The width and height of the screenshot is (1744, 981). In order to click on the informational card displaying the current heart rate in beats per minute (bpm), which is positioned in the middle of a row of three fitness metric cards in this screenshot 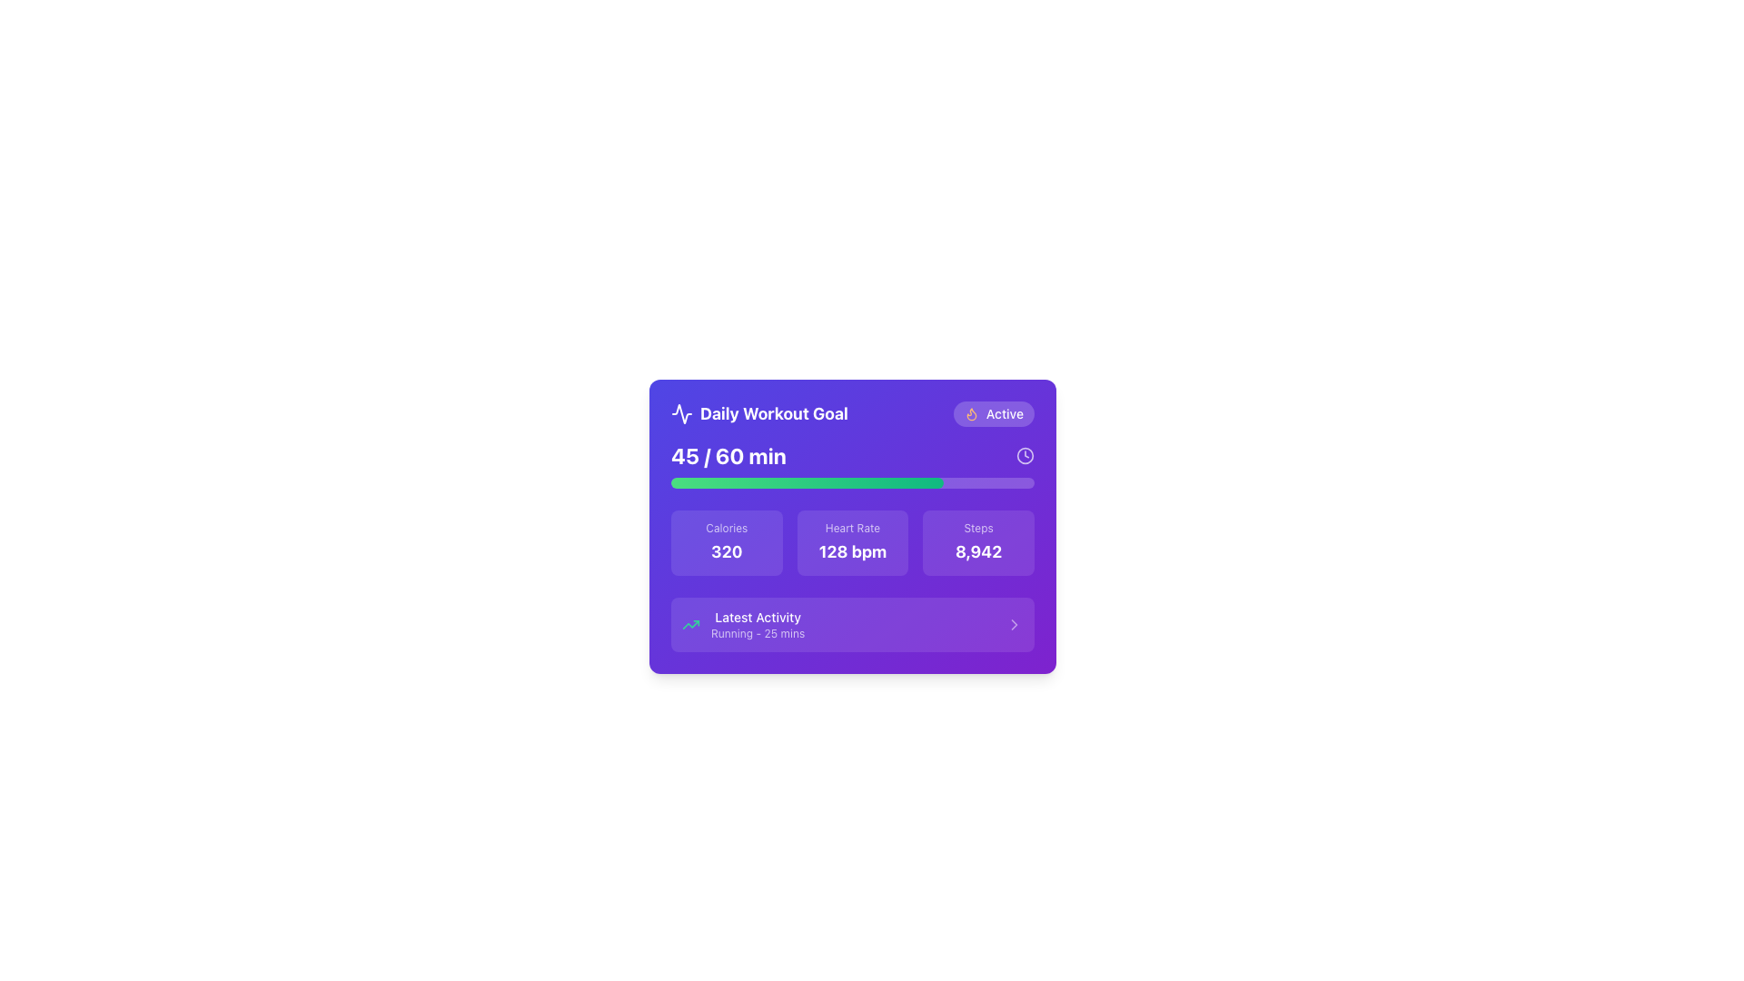, I will do `click(852, 541)`.